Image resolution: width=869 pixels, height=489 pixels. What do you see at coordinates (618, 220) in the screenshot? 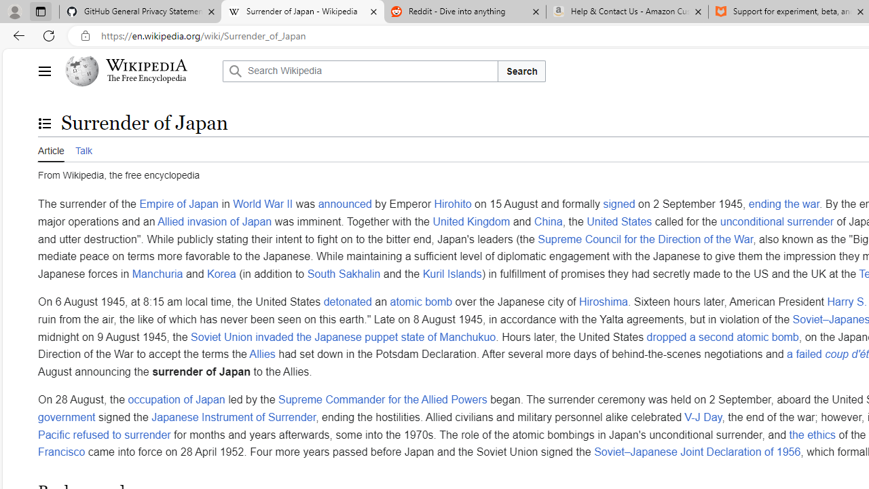
I see `'United States'` at bounding box center [618, 220].